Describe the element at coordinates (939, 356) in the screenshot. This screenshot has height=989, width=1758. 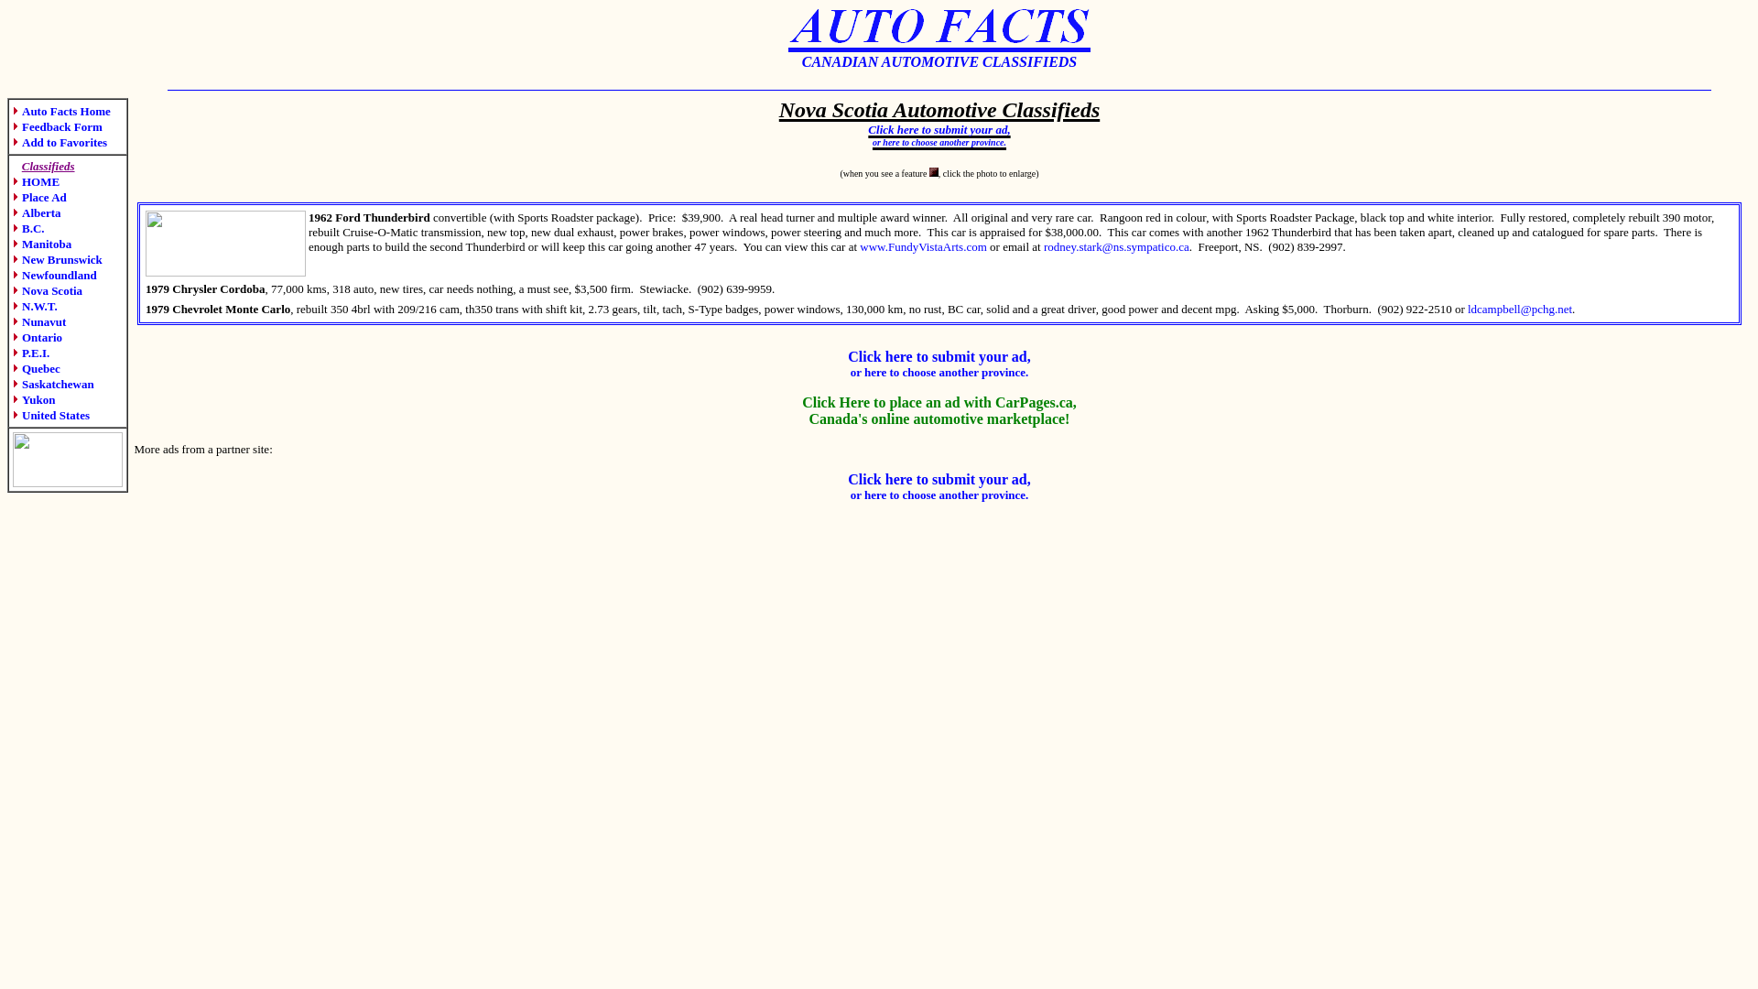
I see `'Click here to submit your ad,'` at that location.